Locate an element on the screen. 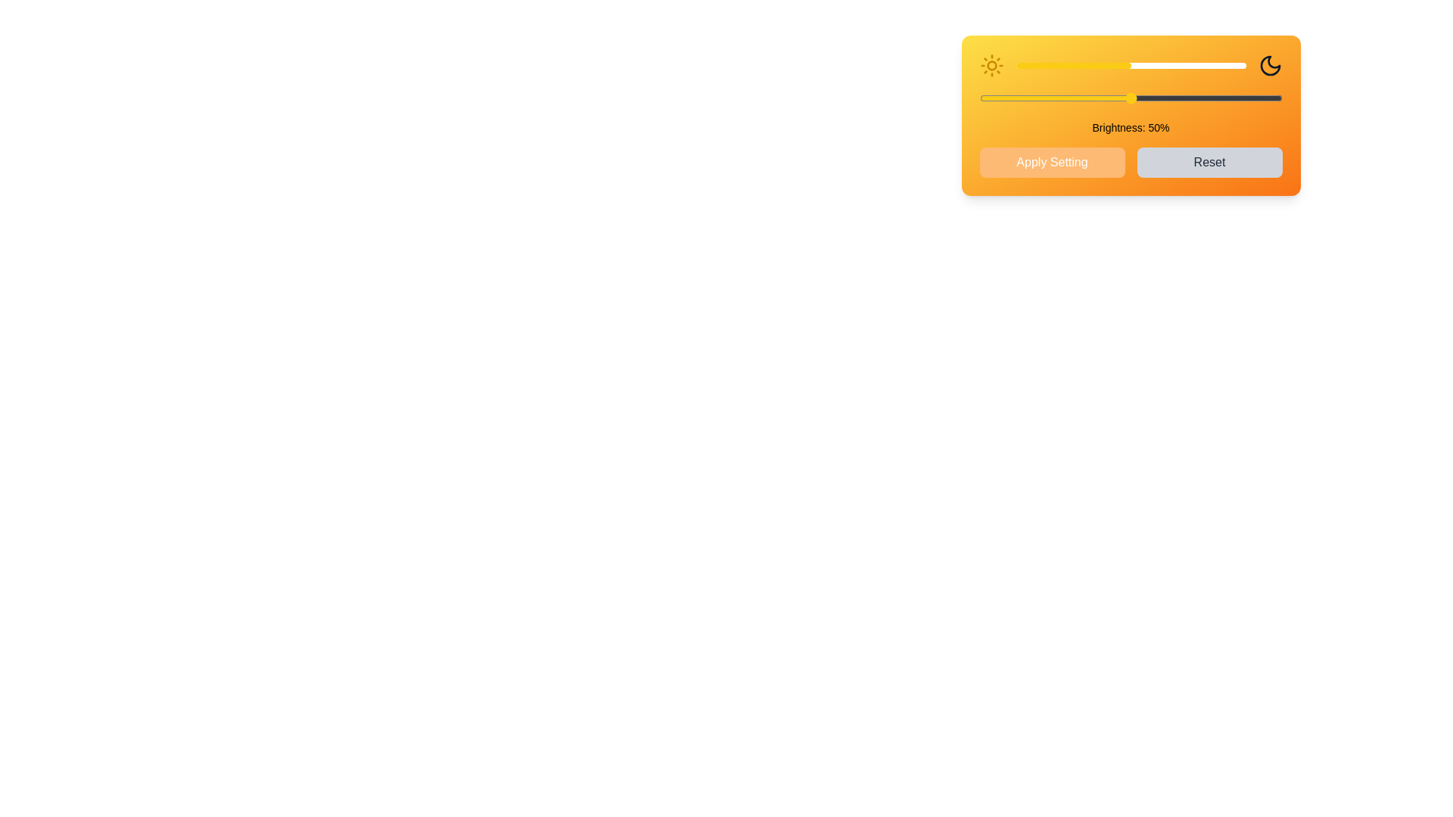  'Apply Setting' button is located at coordinates (1051, 163).